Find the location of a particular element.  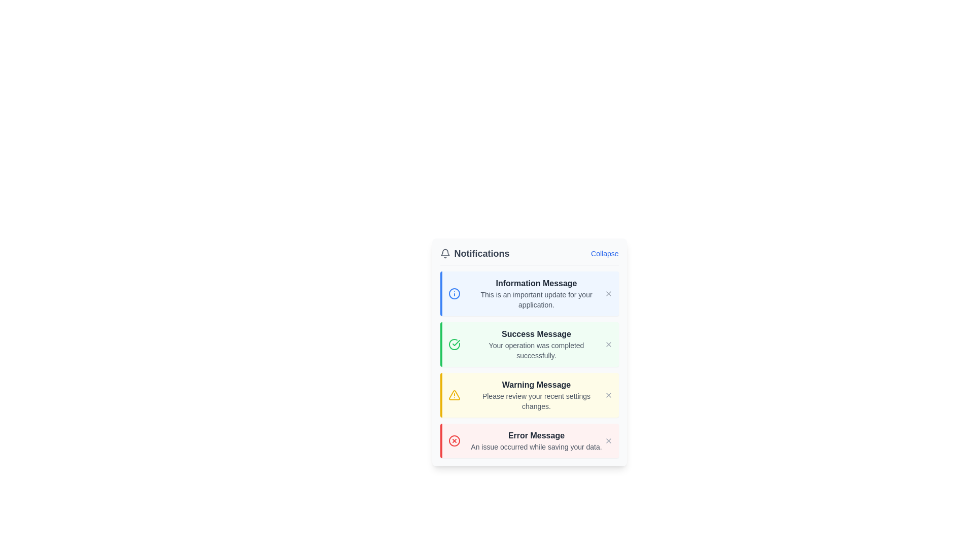

'Error Message' text which serves as the title for the error notification, located in the bottom-most notification item of the 'Notifications' panel is located at coordinates (536, 435).